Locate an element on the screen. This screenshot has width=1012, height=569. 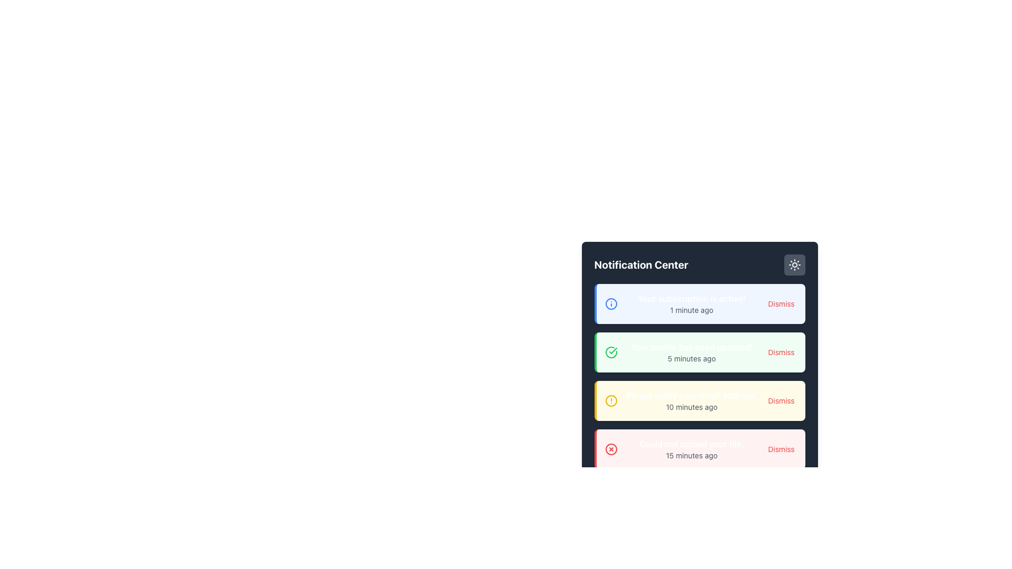
the Dismiss button located at the top-right corner of the notification card, which is aligned to the right of the text '1 minute ago' and beneath the header 'Notification Center' is located at coordinates (781, 304).